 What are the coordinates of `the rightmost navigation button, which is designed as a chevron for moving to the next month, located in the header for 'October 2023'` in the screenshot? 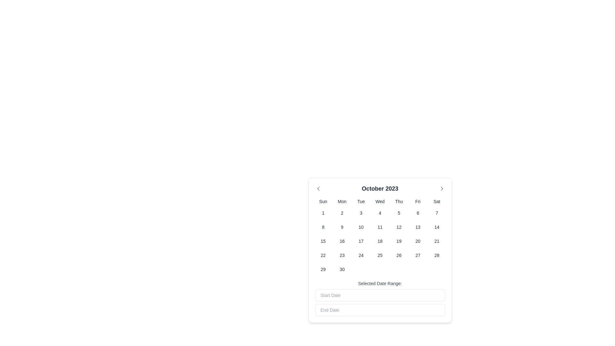 It's located at (441, 188).